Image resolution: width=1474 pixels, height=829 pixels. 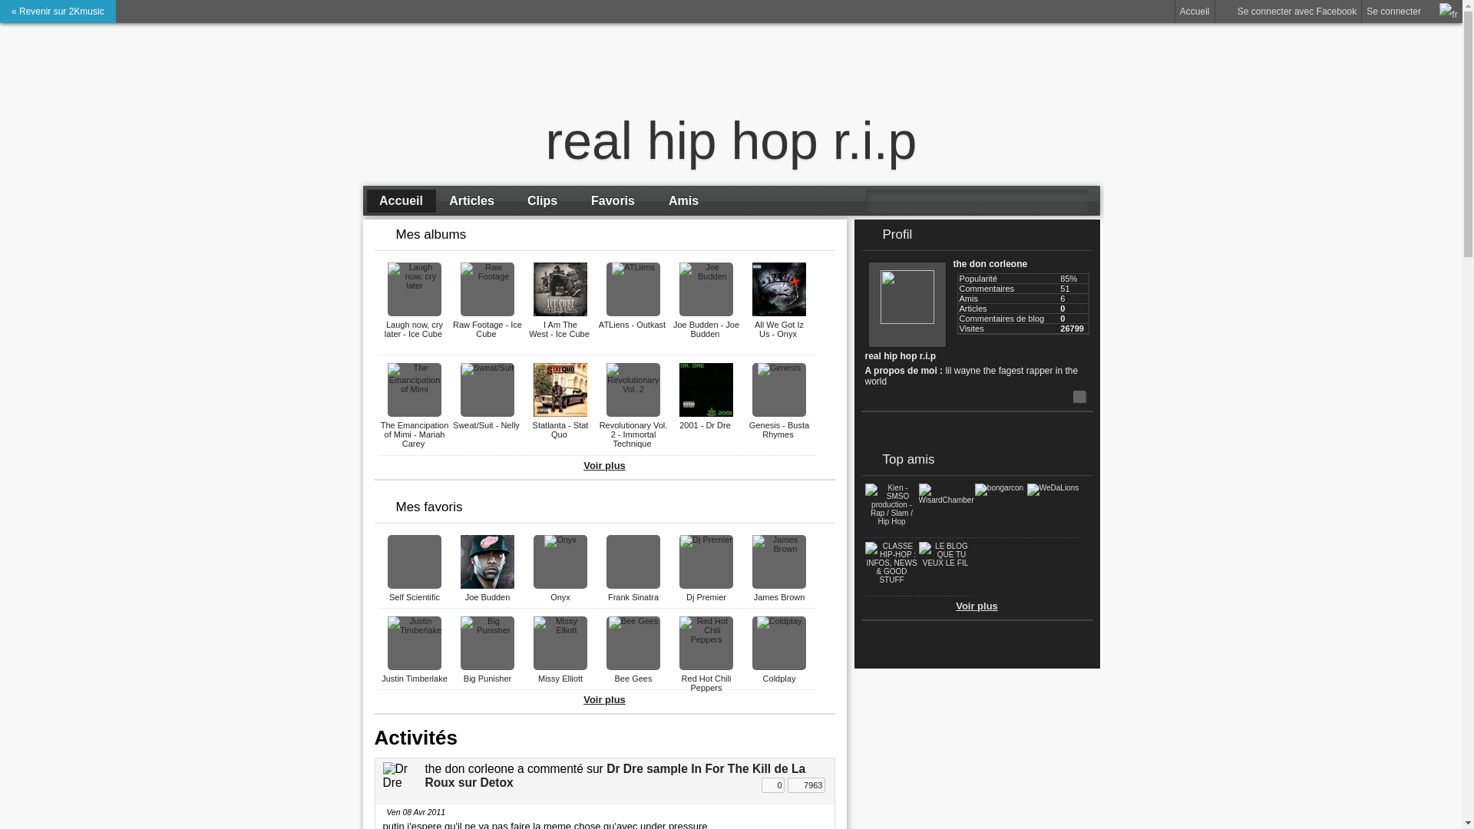 I want to click on 'All We Got Iz Us - Onyx ', so click(x=778, y=328).